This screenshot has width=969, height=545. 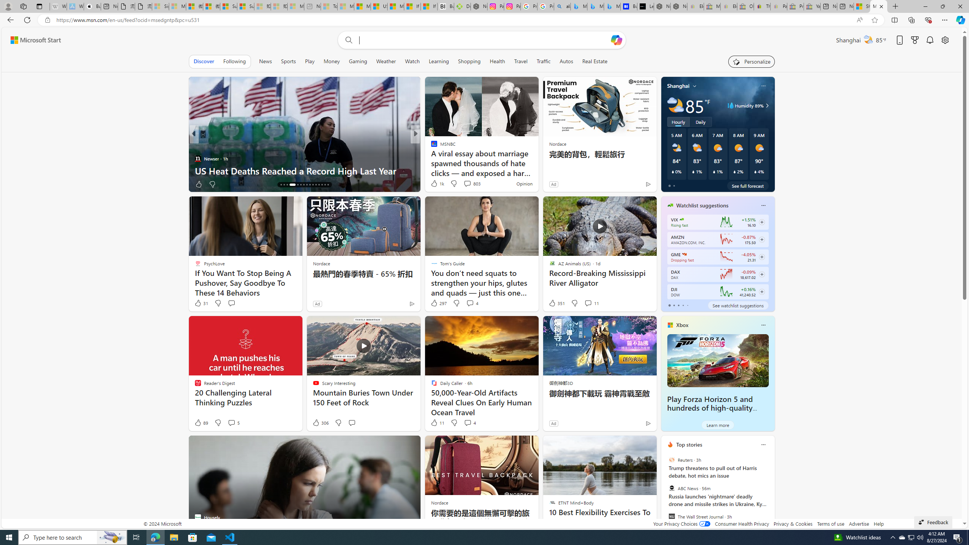 I want to click on 'AutomationID: tab-30', so click(x=327, y=184).